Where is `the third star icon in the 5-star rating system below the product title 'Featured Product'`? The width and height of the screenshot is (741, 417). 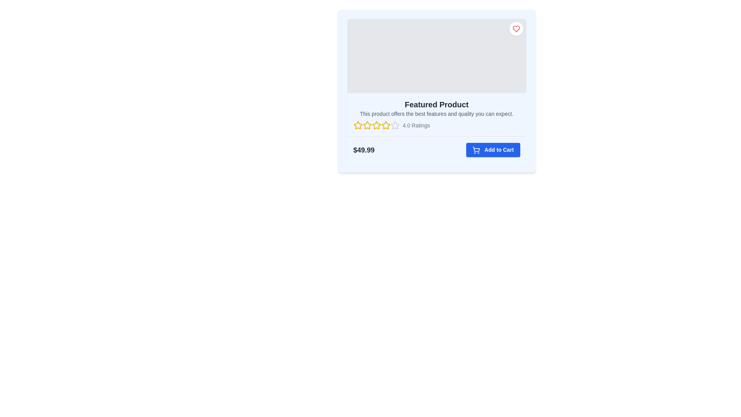
the third star icon in the 5-star rating system below the product title 'Featured Product' is located at coordinates (386, 125).